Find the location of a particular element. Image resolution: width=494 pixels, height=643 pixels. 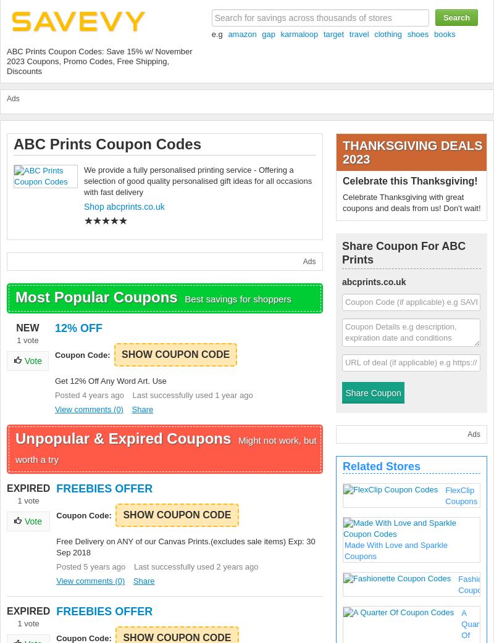

'abcprints.co.uk' is located at coordinates (341, 282).